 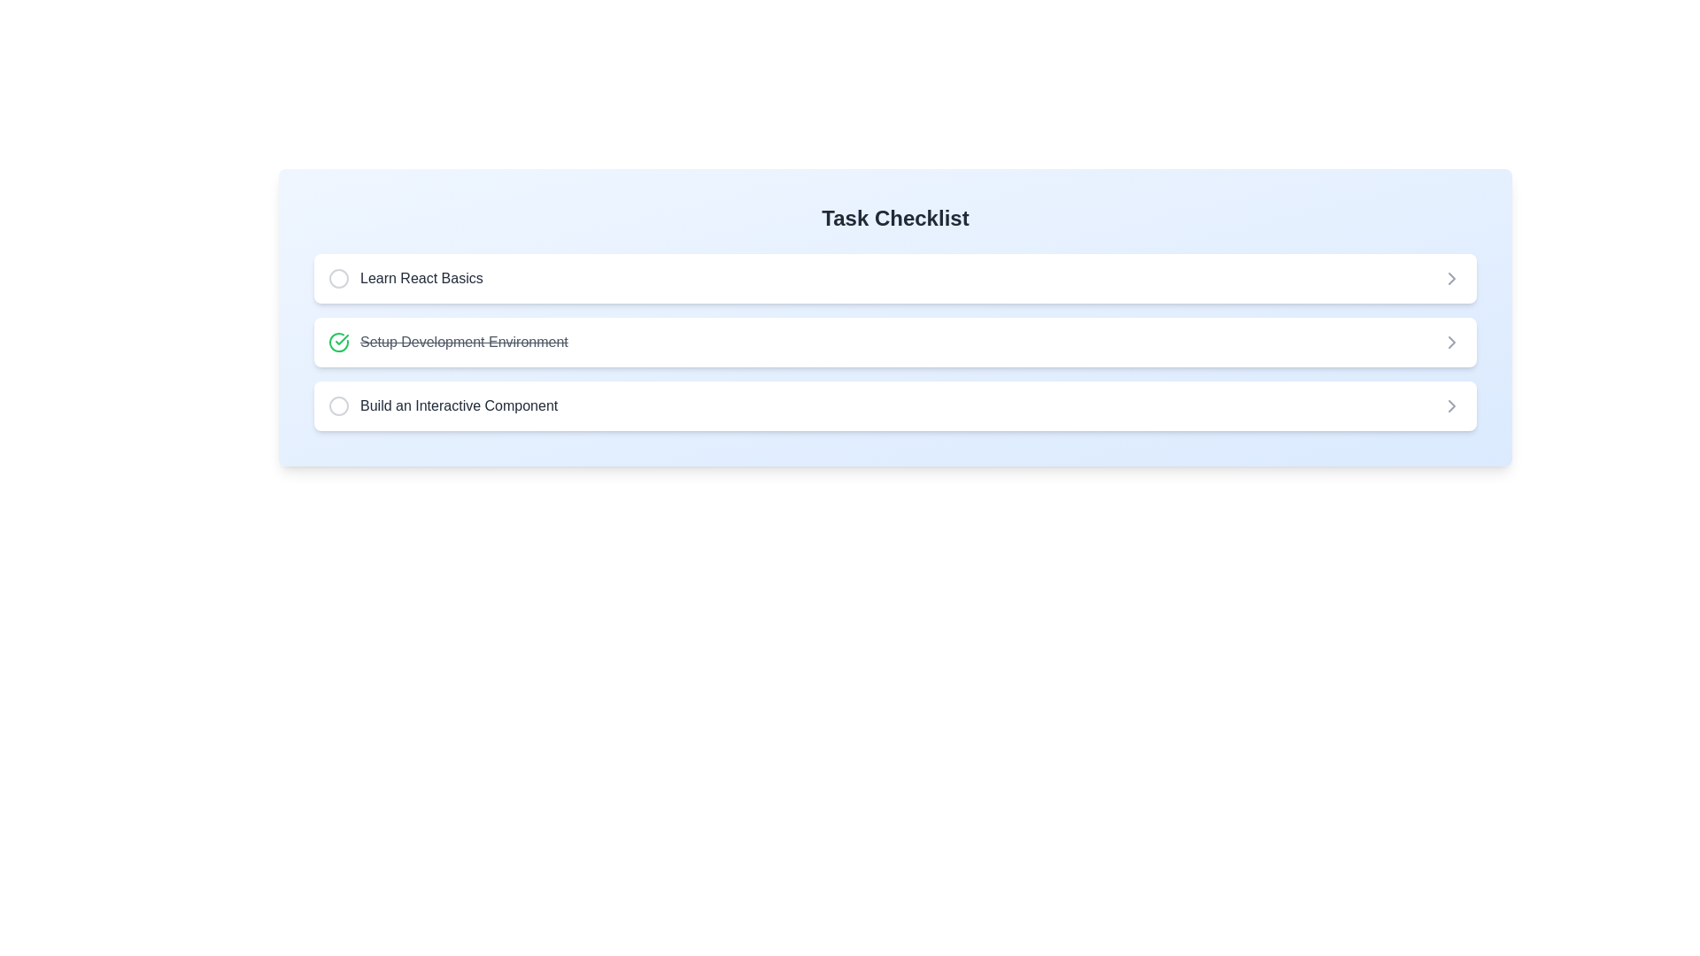 What do you see at coordinates (464, 342) in the screenshot?
I see `the text label indicating a completed task in the checklist, located between 'Learn React Basics' and 'Build an Interactive Component'` at bounding box center [464, 342].